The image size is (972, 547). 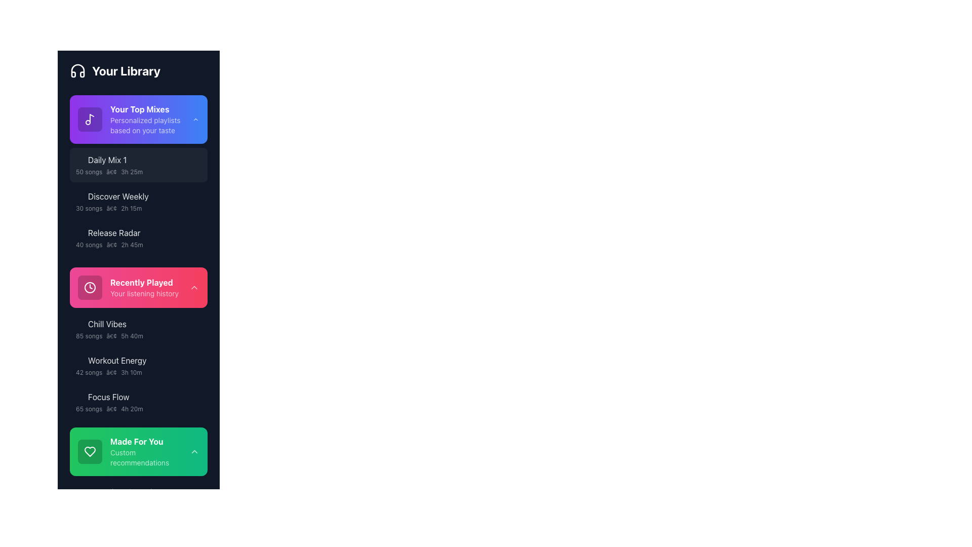 What do you see at coordinates (151, 119) in the screenshot?
I see `text block displaying the title and subtitle that promotes personalized playlists based on the user's taste, located in the top-left quadrant of the interface under the 'Your Library' section` at bounding box center [151, 119].